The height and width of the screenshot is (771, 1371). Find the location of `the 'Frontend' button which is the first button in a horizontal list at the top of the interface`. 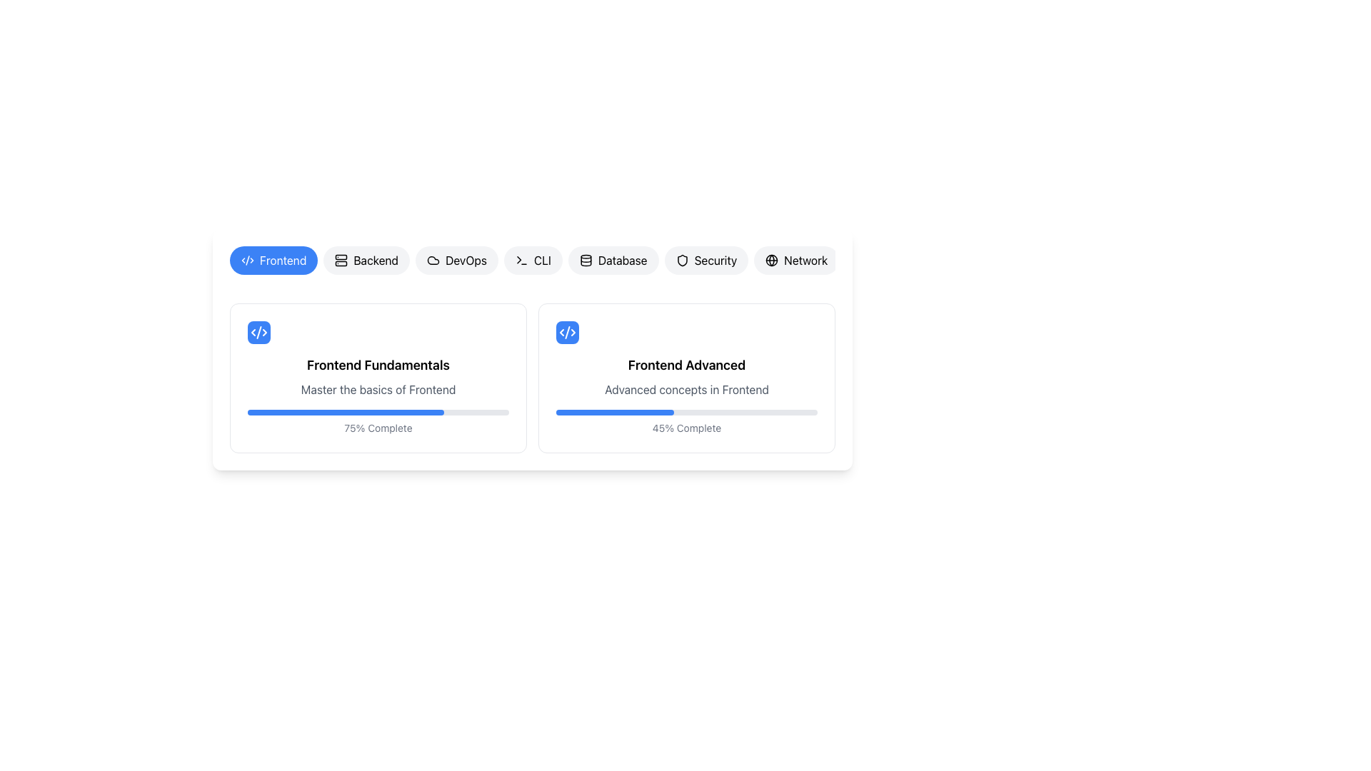

the 'Frontend' button which is the first button in a horizontal list at the top of the interface is located at coordinates (283, 261).